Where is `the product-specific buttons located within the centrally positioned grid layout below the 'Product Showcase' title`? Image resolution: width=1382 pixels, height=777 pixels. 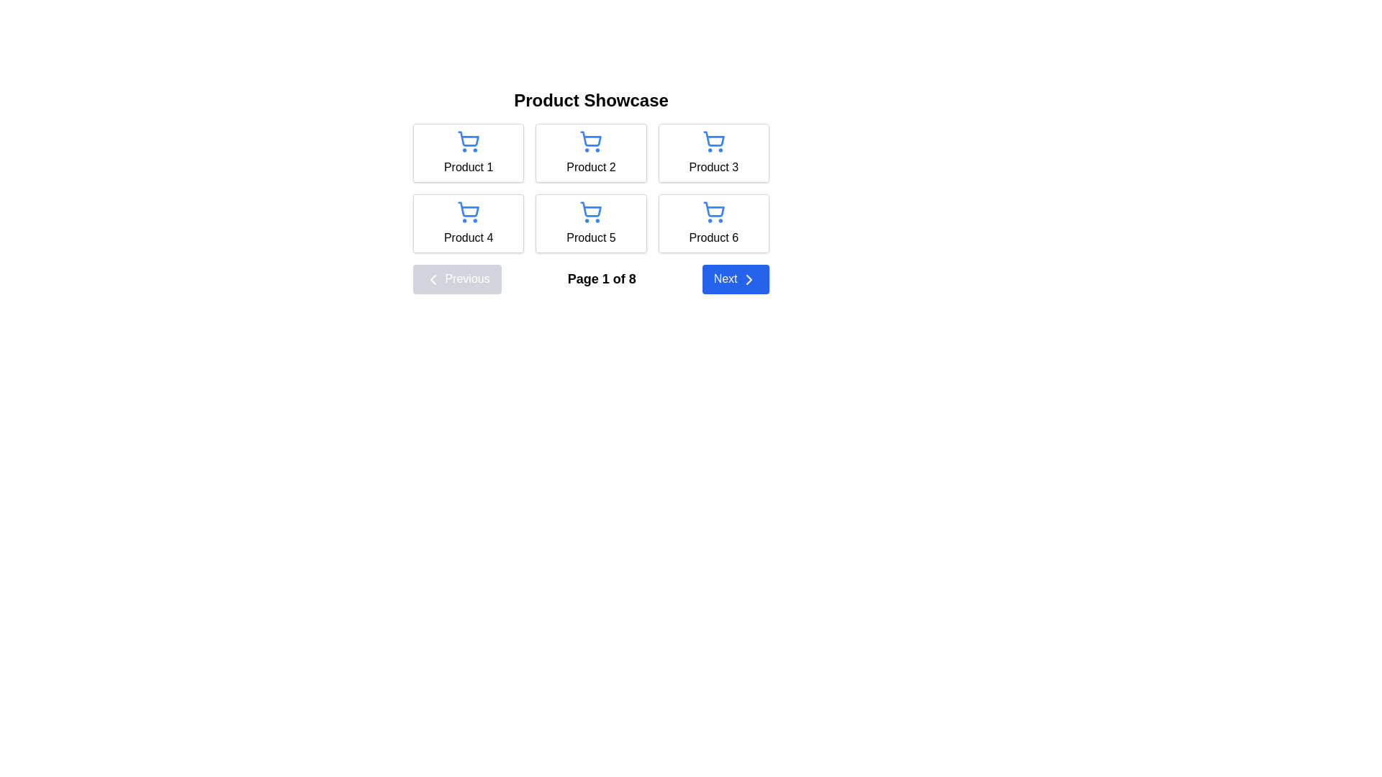 the product-specific buttons located within the centrally positioned grid layout below the 'Product Showcase' title is located at coordinates (591, 185).